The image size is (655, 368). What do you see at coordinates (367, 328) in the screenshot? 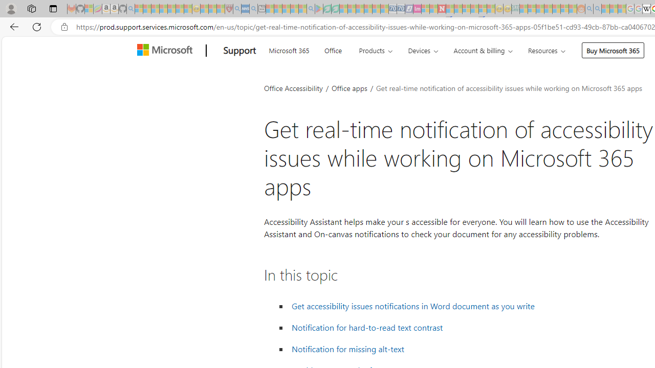
I see `' Notification for hard-to-read text contrast'` at bounding box center [367, 328].